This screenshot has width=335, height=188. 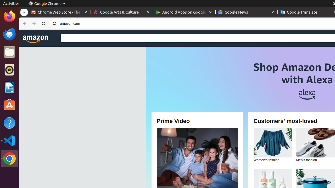 What do you see at coordinates (34, 23) in the screenshot?
I see `'Forward'` at bounding box center [34, 23].